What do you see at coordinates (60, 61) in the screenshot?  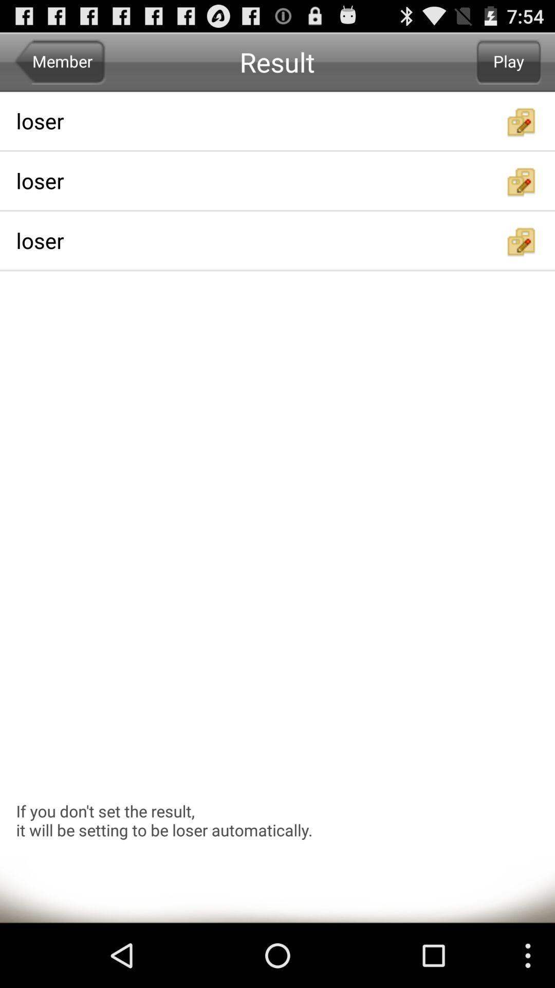 I see `member icon` at bounding box center [60, 61].